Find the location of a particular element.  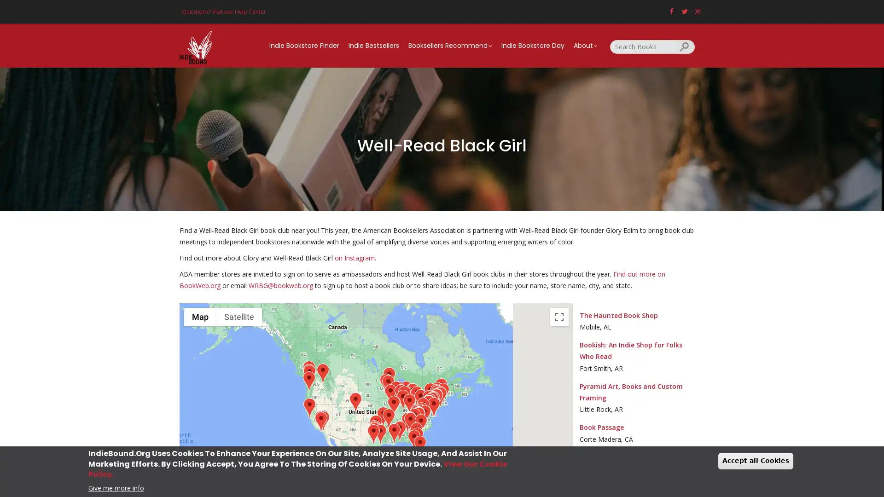

MahoganyBooks is located at coordinates (428, 404).